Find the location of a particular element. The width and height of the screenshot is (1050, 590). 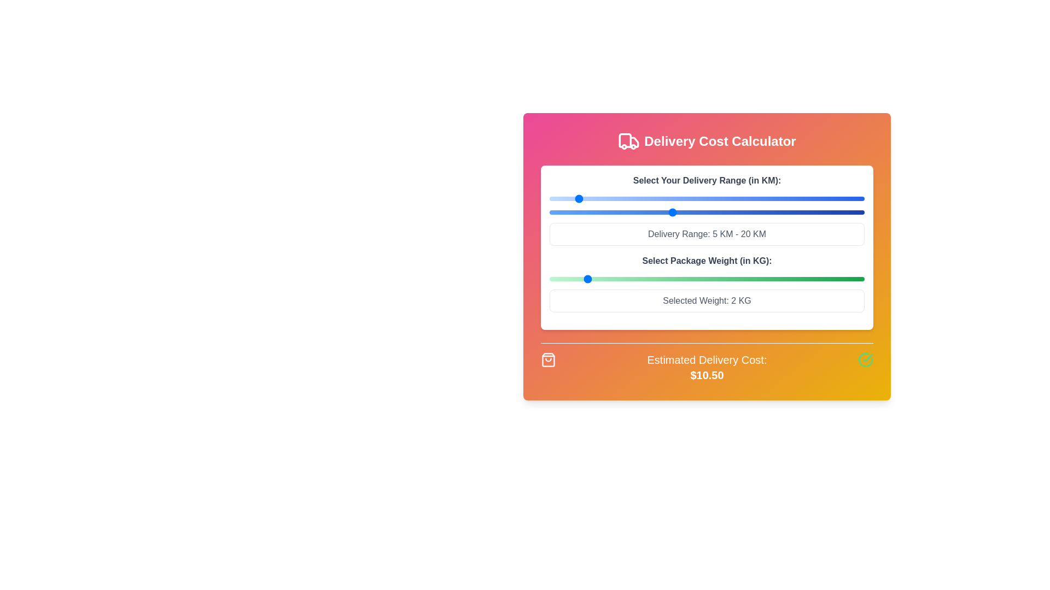

the delivery range is located at coordinates (678, 198).